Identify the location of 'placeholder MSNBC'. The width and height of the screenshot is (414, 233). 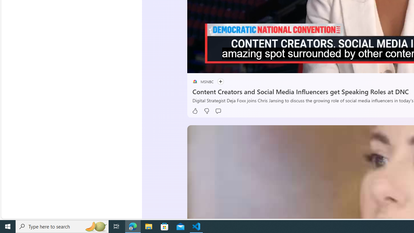
(202, 81).